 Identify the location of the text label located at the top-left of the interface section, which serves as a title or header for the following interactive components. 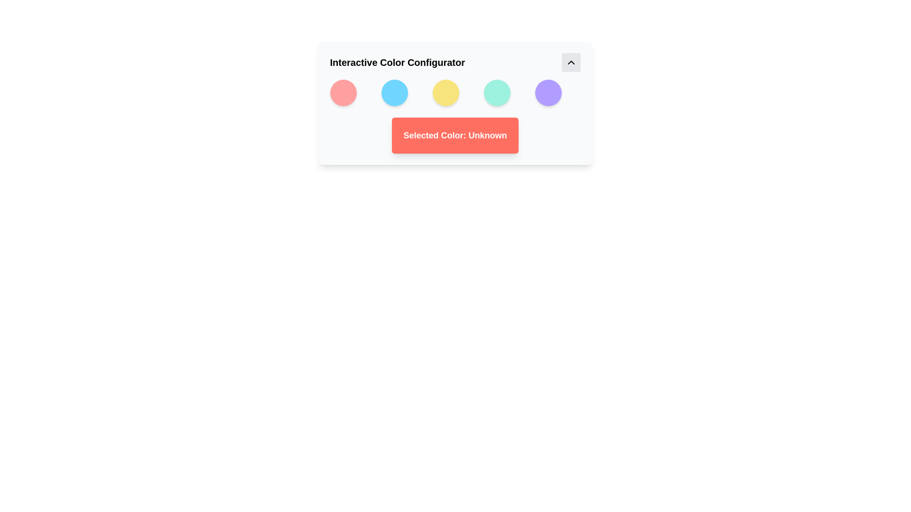
(397, 62).